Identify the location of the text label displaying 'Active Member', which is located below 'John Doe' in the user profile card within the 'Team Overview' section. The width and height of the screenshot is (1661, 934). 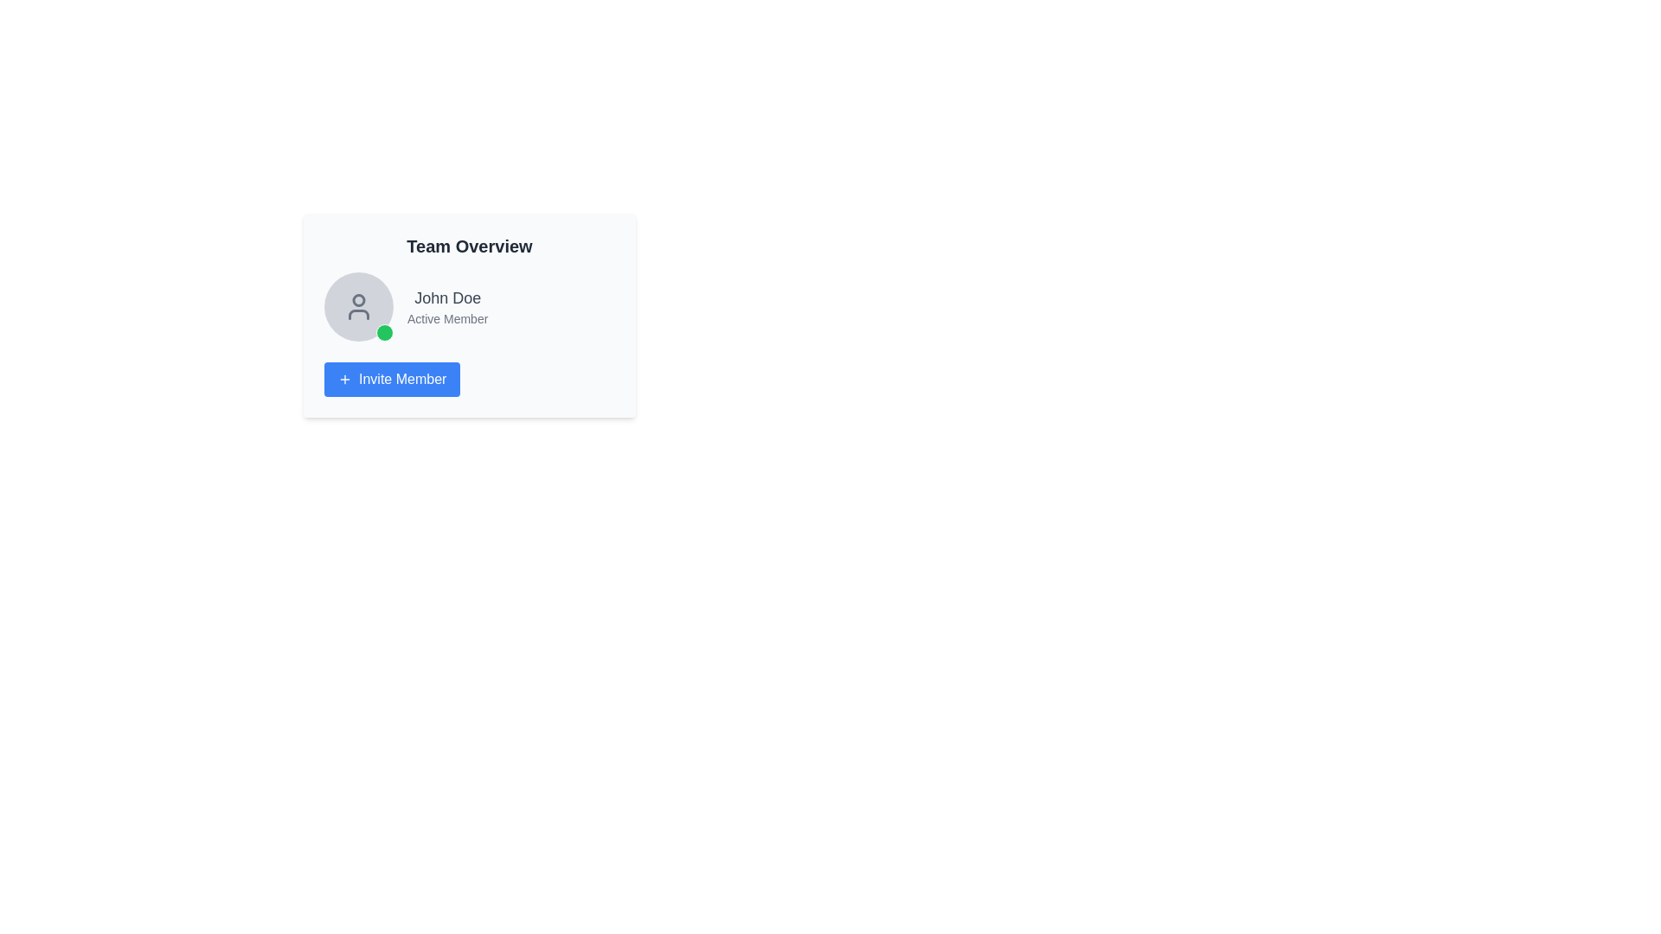
(447, 319).